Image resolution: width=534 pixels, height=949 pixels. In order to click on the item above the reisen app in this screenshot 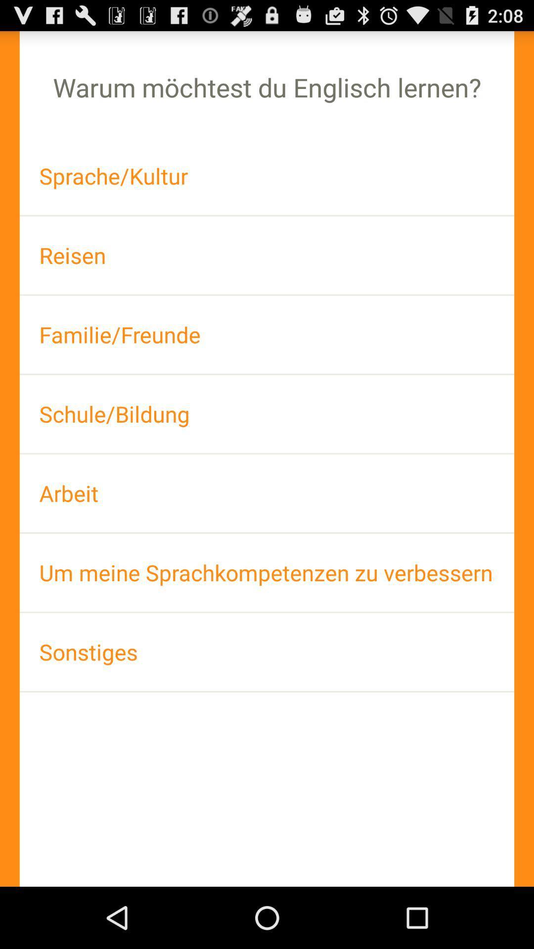, I will do `click(267, 176)`.